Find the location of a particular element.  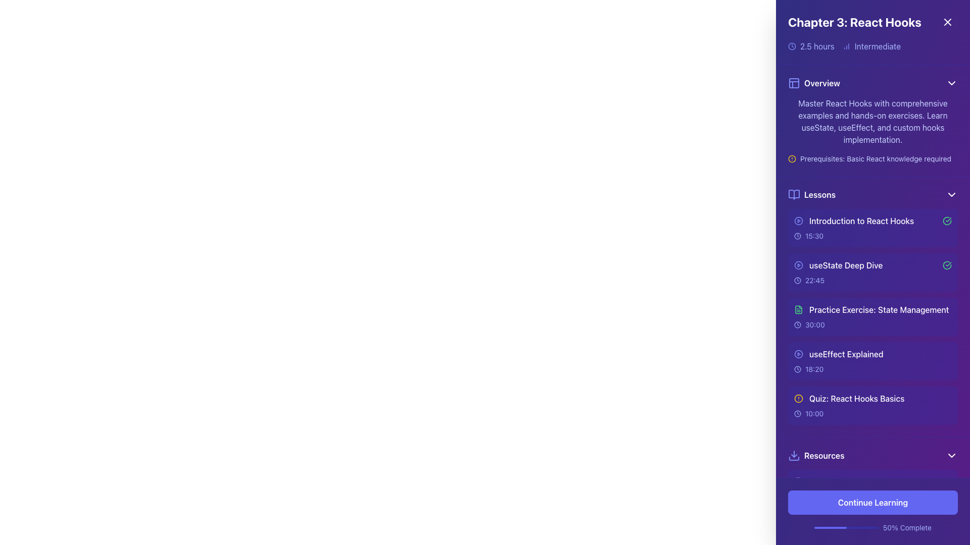

the Text block located directly below the 'Overview' heading is located at coordinates (872, 130).